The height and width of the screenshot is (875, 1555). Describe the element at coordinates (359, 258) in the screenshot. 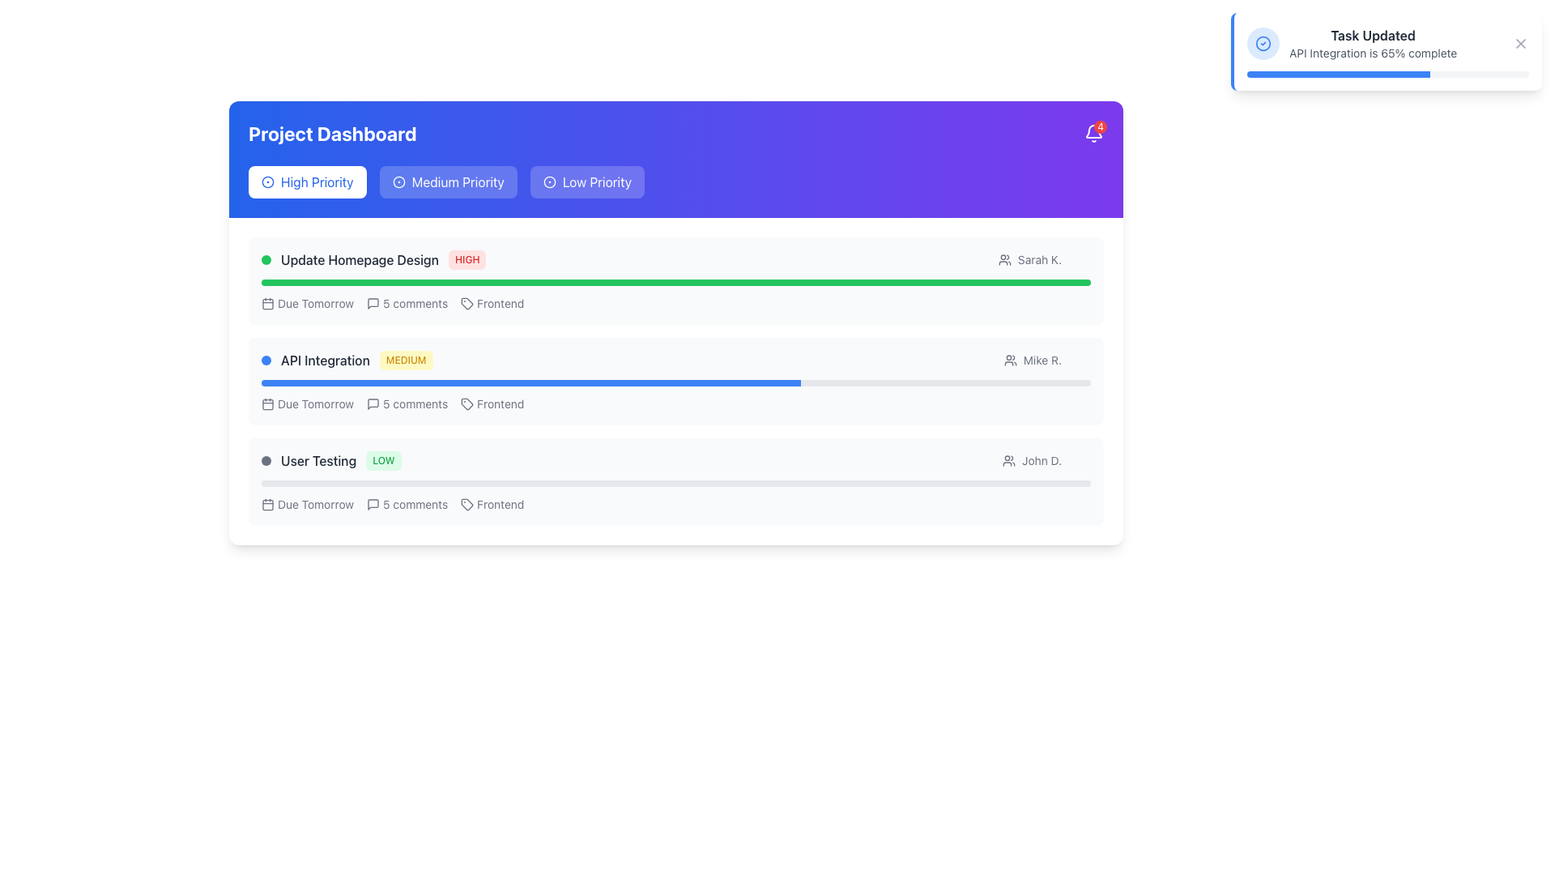

I see `the text label displaying 'Update Homepage Design'` at that location.